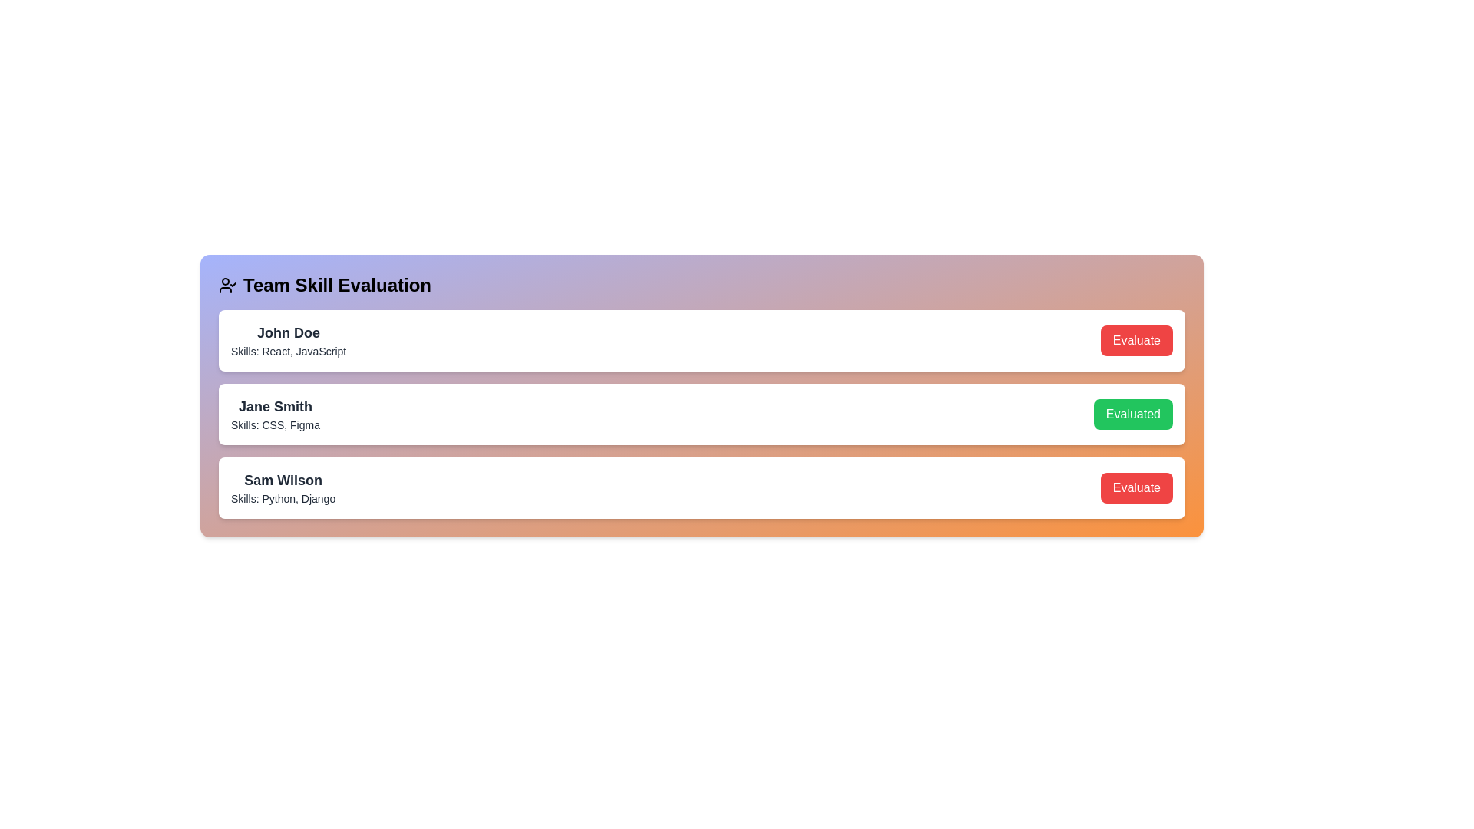 Image resolution: width=1474 pixels, height=829 pixels. Describe the element at coordinates (227, 285) in the screenshot. I see `the decorative icon representing the 'Team Skill Evaluation' section, located at the far left of the header` at that location.